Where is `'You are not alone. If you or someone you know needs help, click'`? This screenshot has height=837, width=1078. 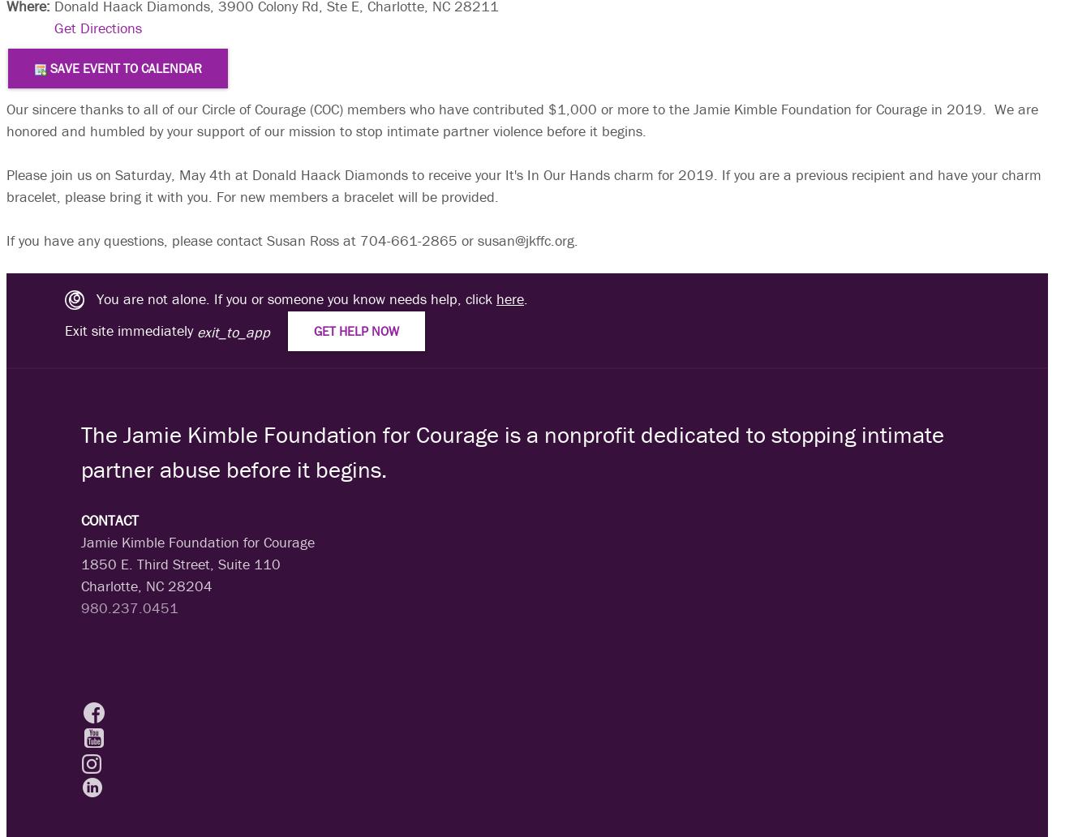 'You are not alone. If you or someone you know needs help, click' is located at coordinates (290, 298).